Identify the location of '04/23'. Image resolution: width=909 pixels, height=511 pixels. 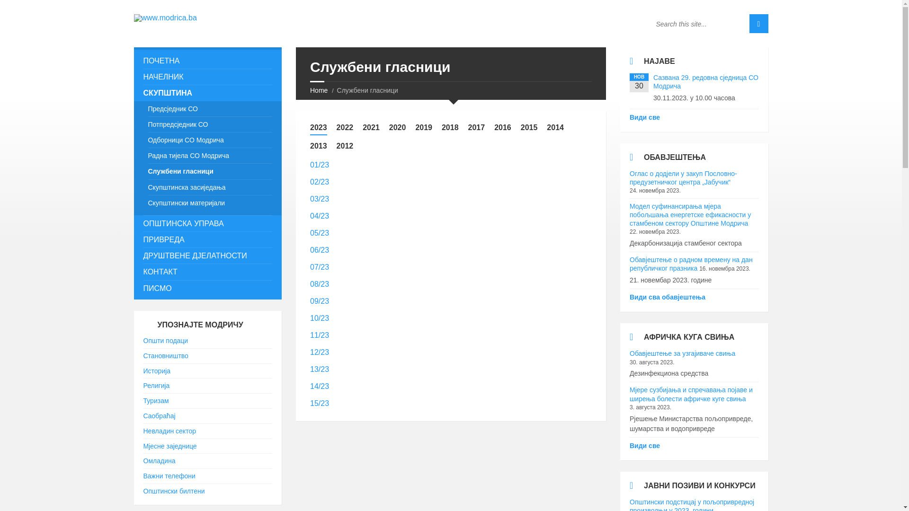
(320, 216).